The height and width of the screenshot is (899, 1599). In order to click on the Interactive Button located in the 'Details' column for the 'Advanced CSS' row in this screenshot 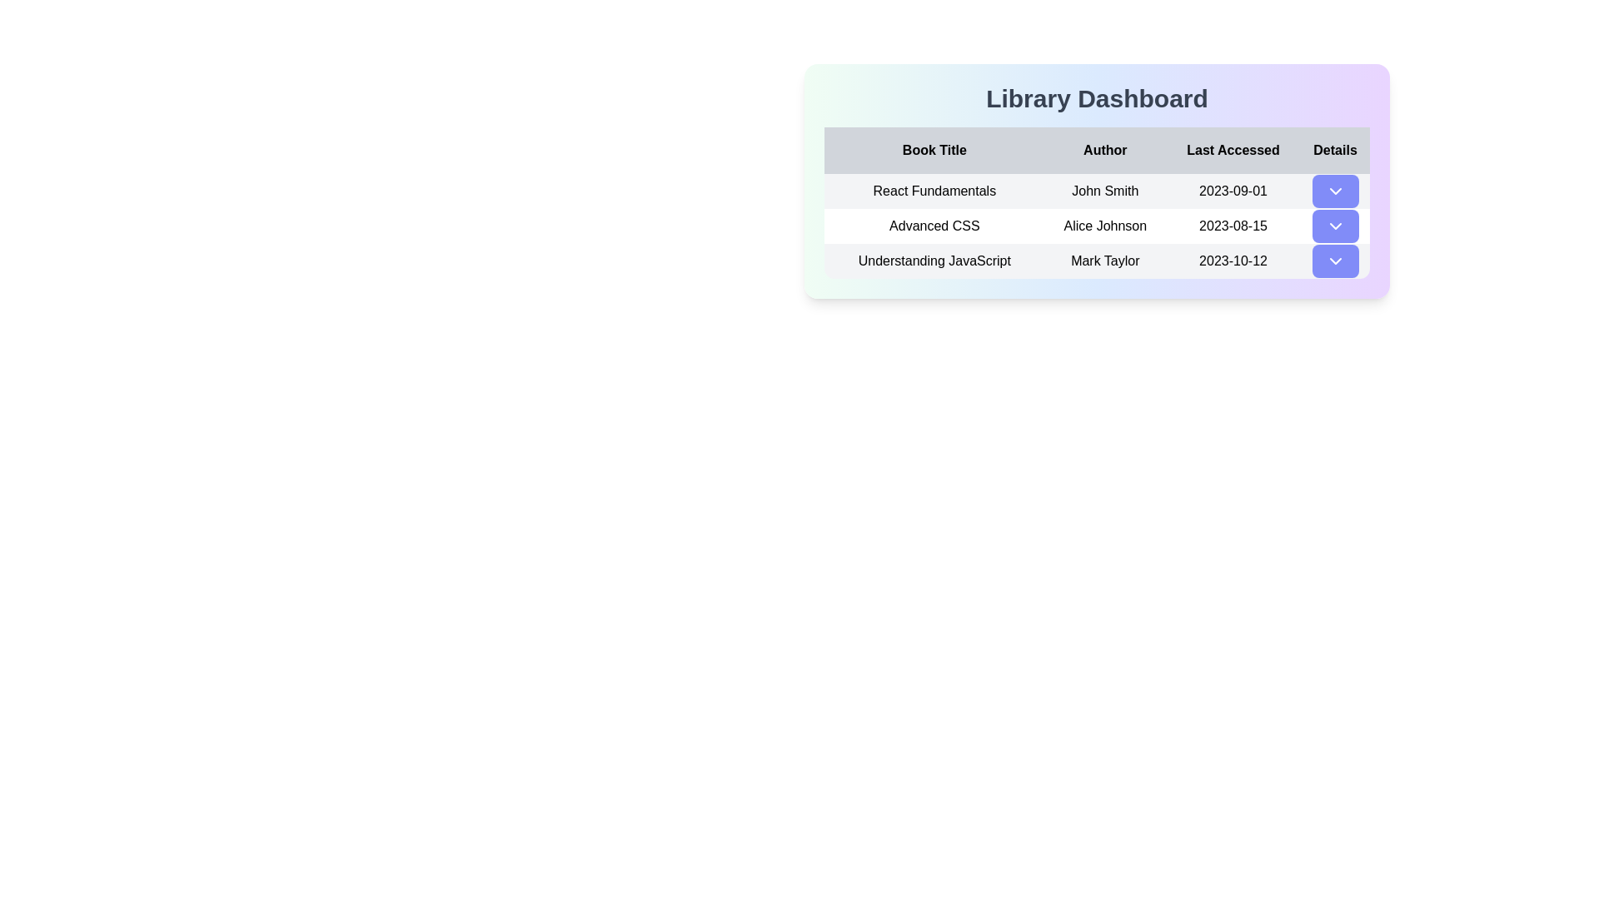, I will do `click(1335, 226)`.